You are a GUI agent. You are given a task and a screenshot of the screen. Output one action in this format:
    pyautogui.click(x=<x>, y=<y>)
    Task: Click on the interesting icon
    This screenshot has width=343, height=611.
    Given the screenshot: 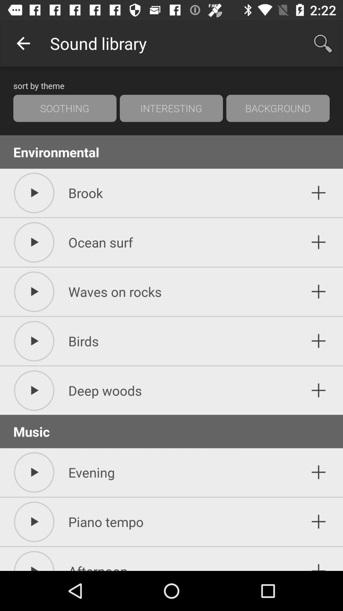 What is the action you would take?
    pyautogui.click(x=171, y=108)
    